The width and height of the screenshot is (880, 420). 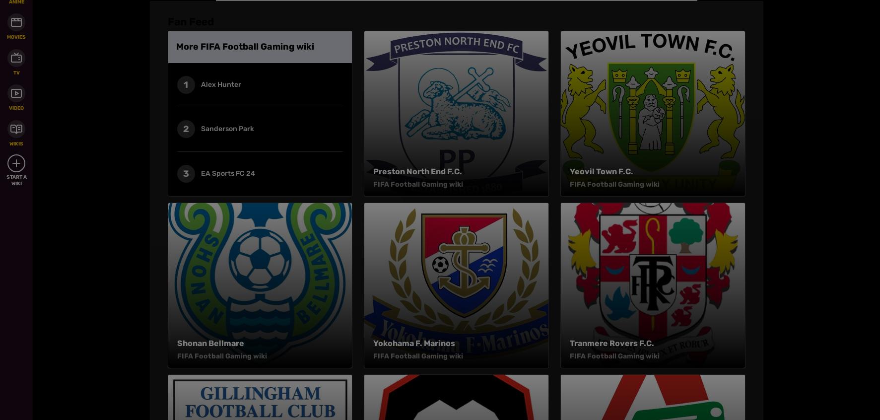 I want to click on 'Careers', so click(x=348, y=13).